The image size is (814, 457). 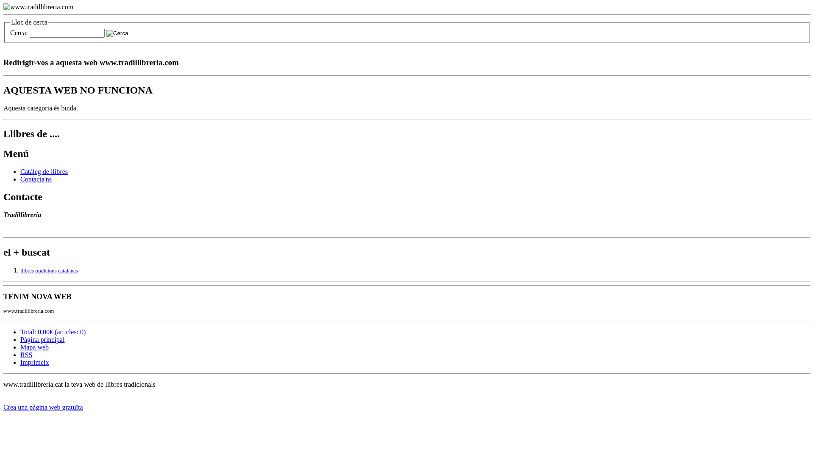 What do you see at coordinates (26, 355) in the screenshot?
I see `'RSS'` at bounding box center [26, 355].